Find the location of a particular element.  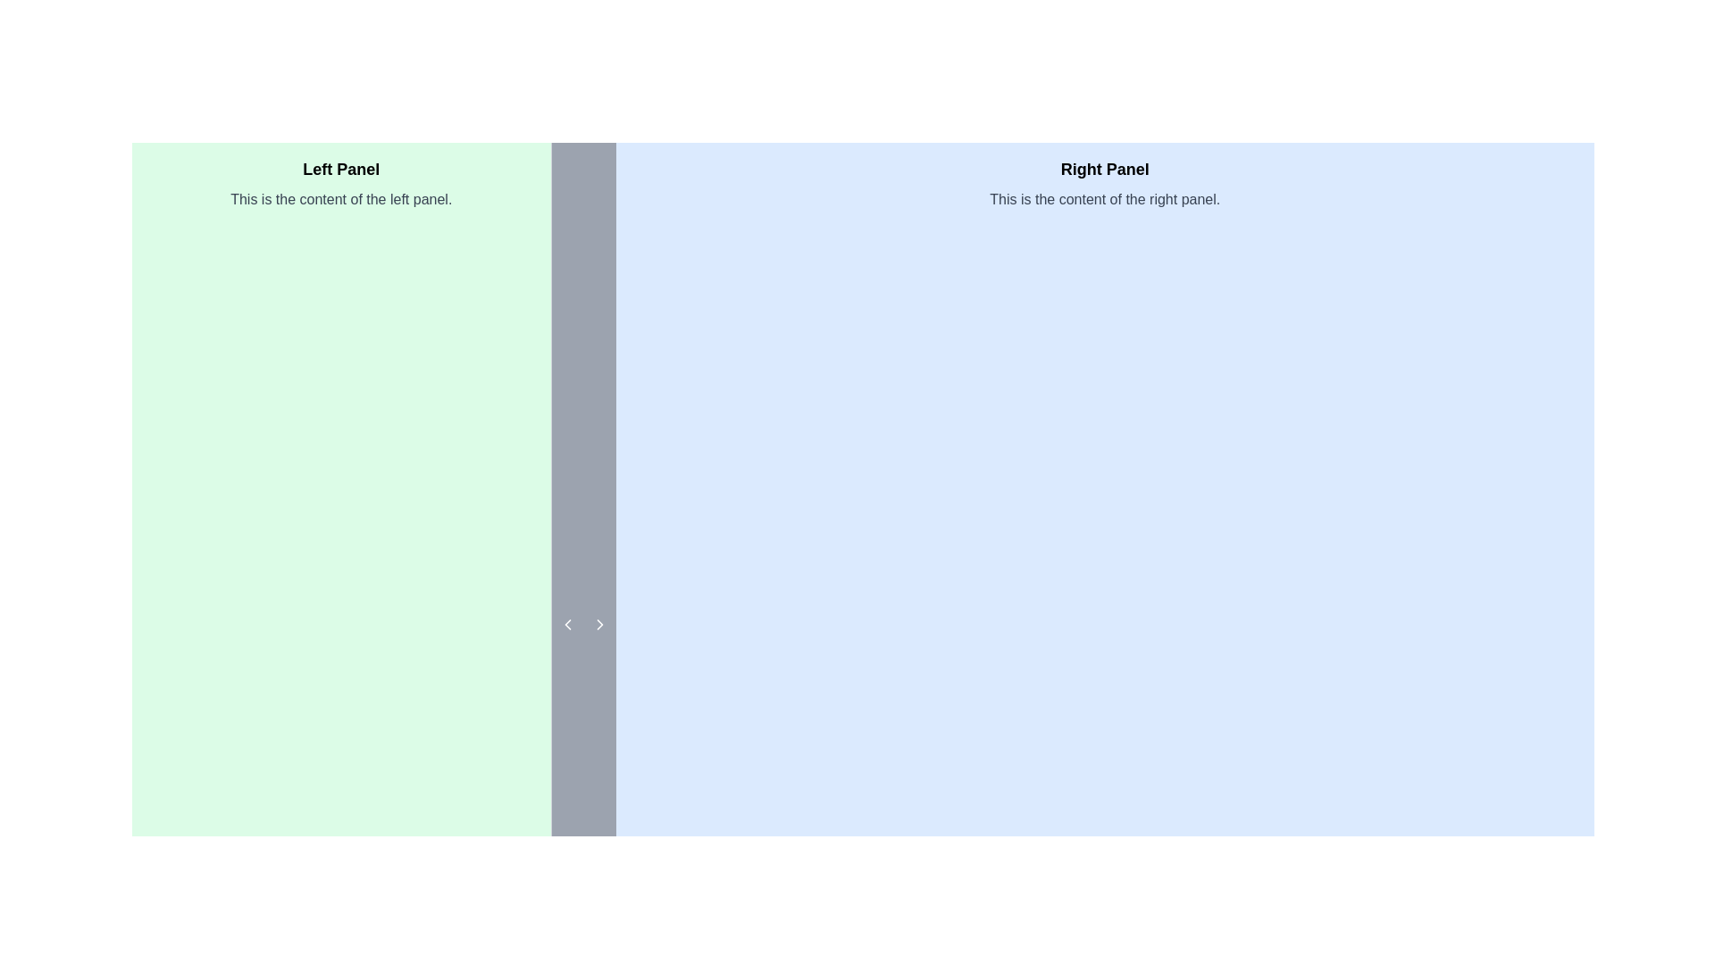

the descriptive text block located below the 'Left Panel' header in the left section of the interface is located at coordinates (341, 199).